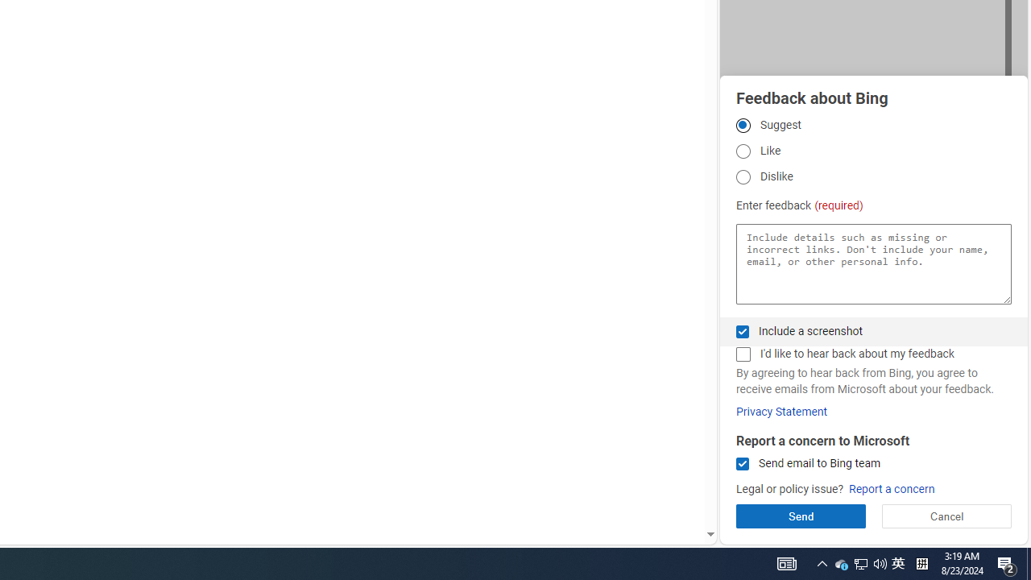  I want to click on 'Send', so click(801, 516).